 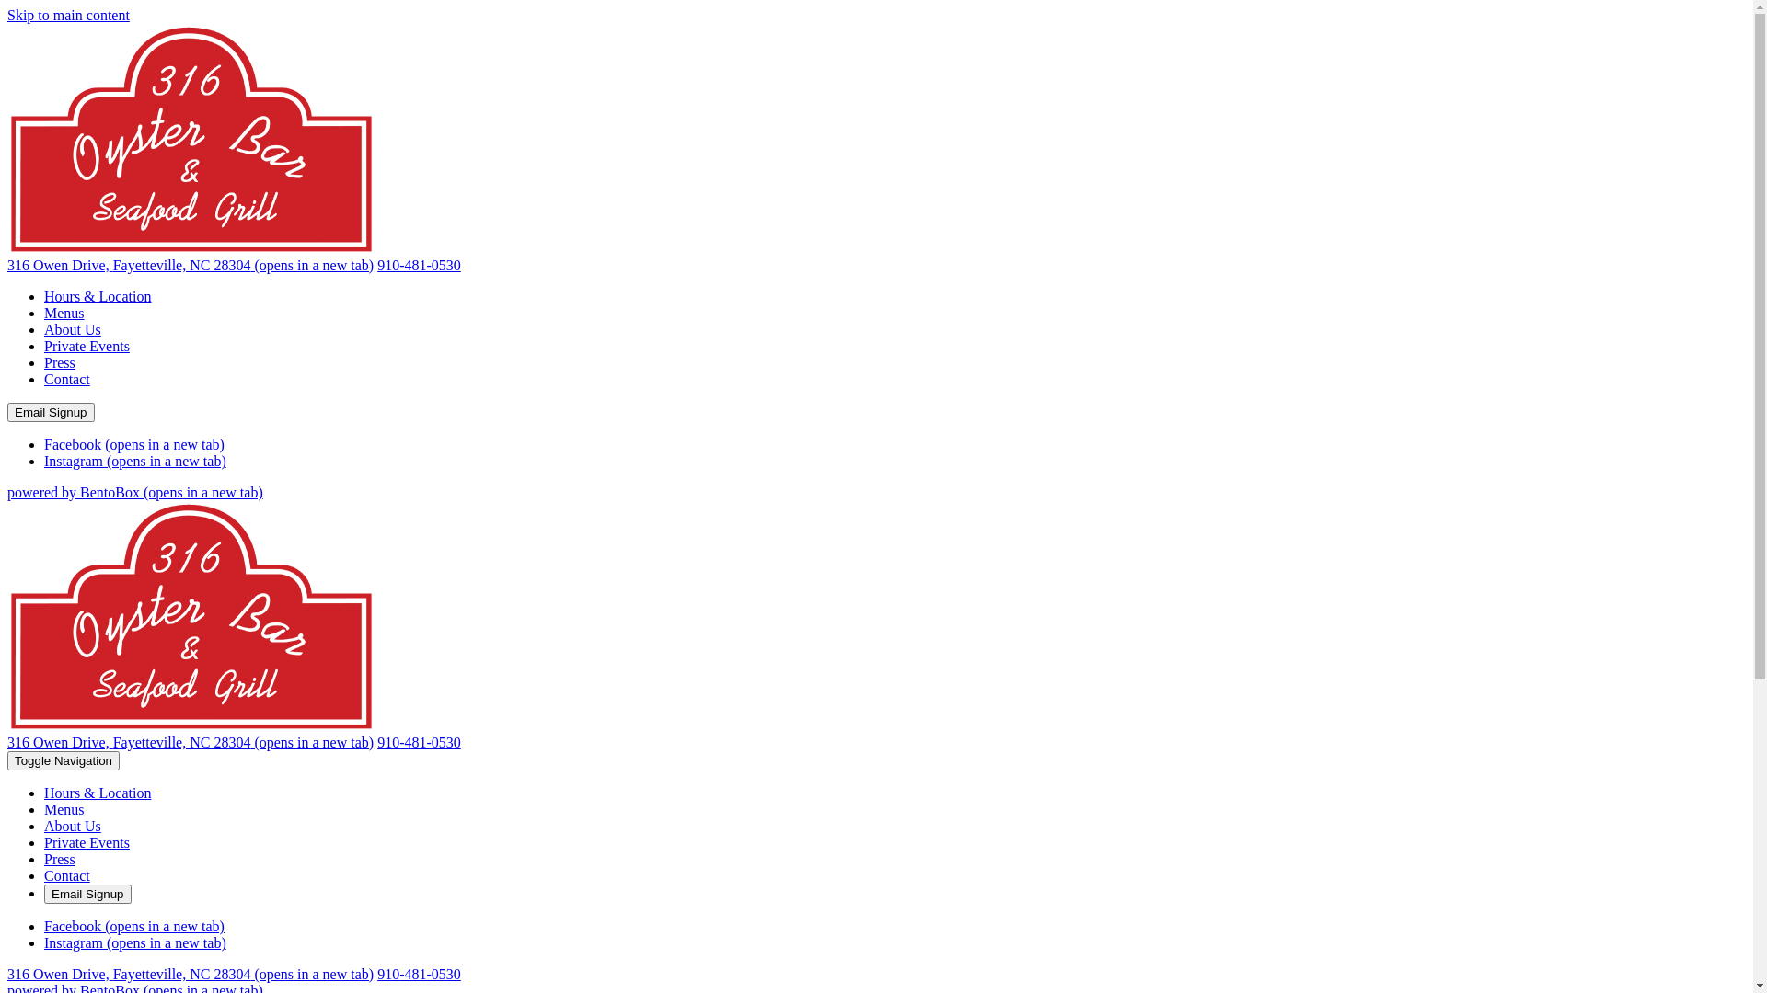 What do you see at coordinates (72, 328) in the screenshot?
I see `'About Us'` at bounding box center [72, 328].